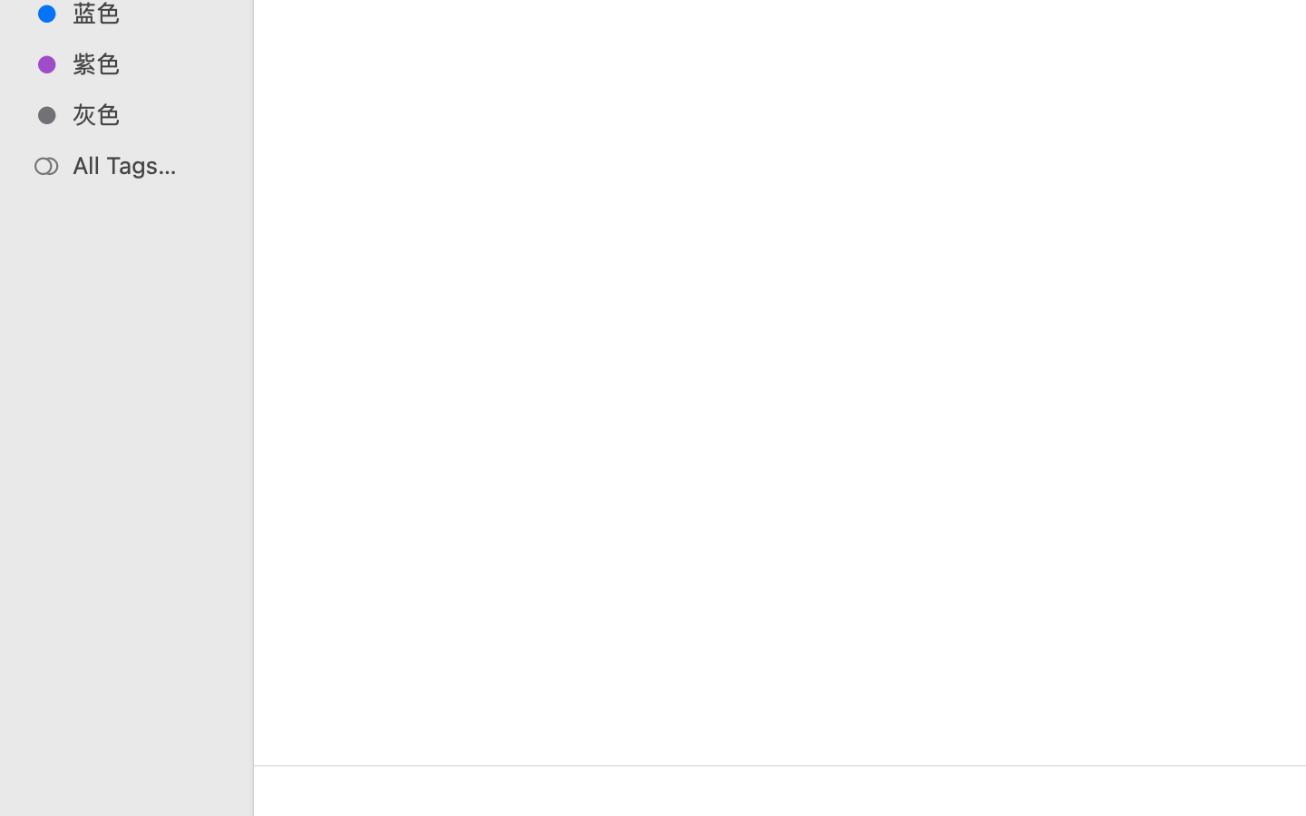 This screenshot has width=1306, height=816. Describe the element at coordinates (144, 63) in the screenshot. I see `'紫色'` at that location.